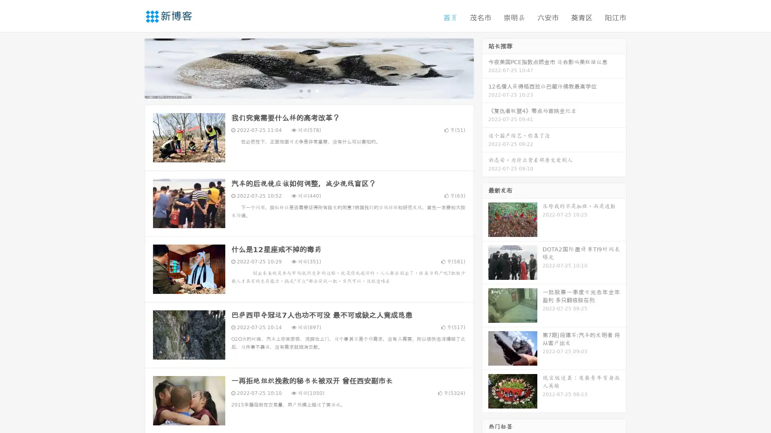 The width and height of the screenshot is (771, 433). Describe the element at coordinates (133, 67) in the screenshot. I see `Previous slide` at that location.